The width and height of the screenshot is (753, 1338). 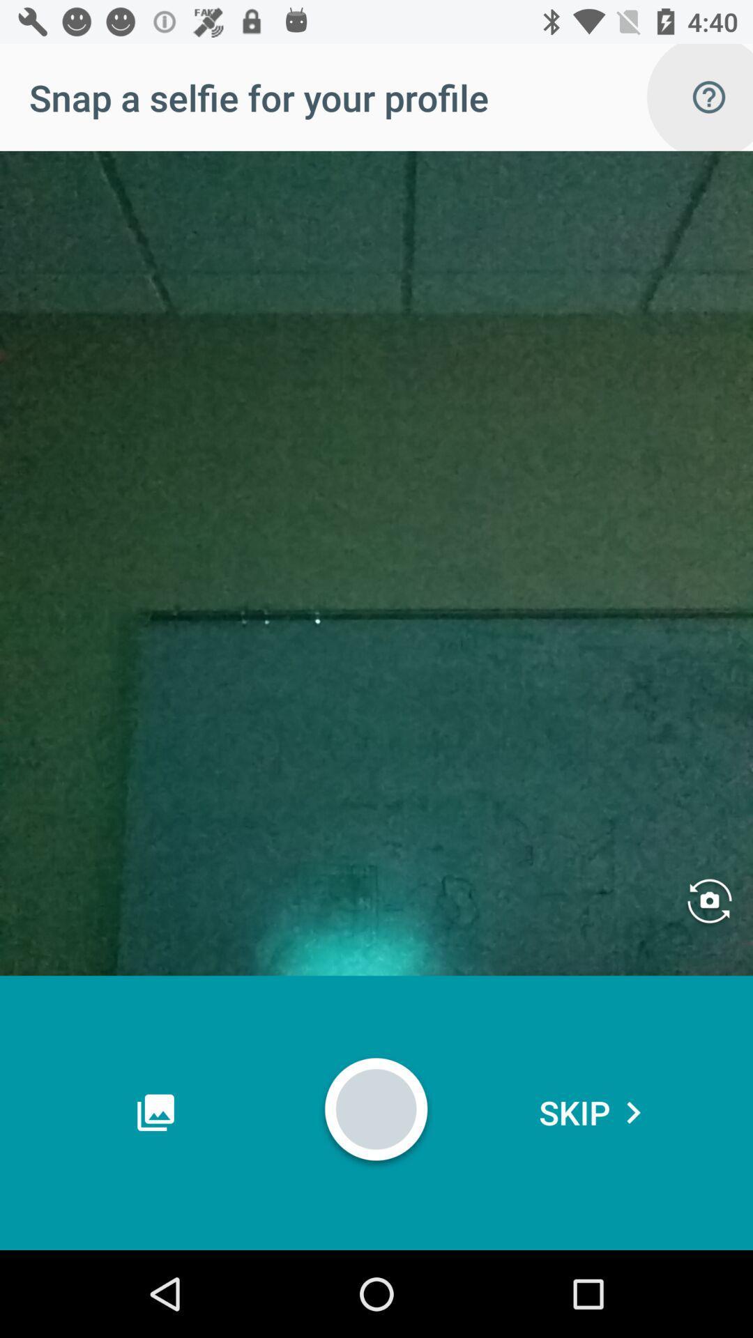 What do you see at coordinates (709, 96) in the screenshot?
I see `the help icon` at bounding box center [709, 96].